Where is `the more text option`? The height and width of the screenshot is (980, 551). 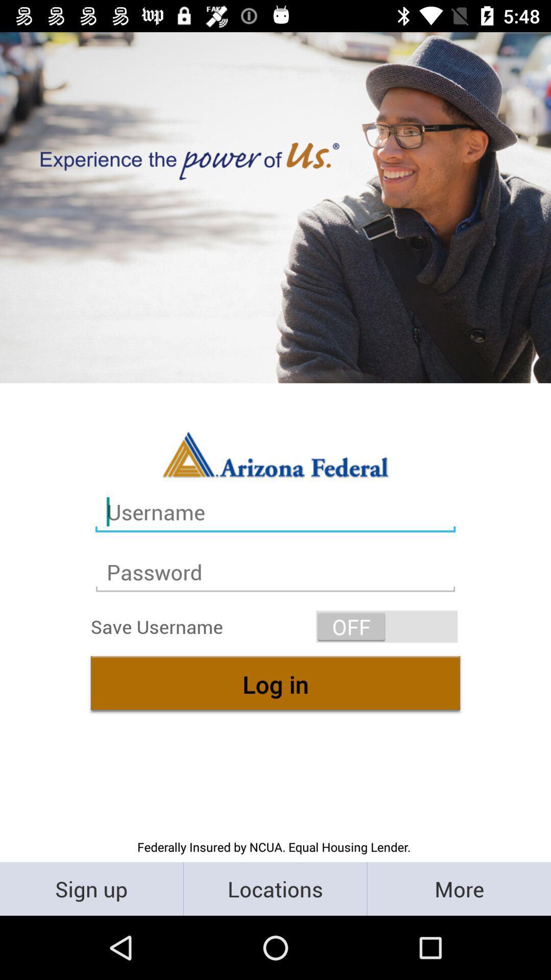
the more text option is located at coordinates (458, 888).